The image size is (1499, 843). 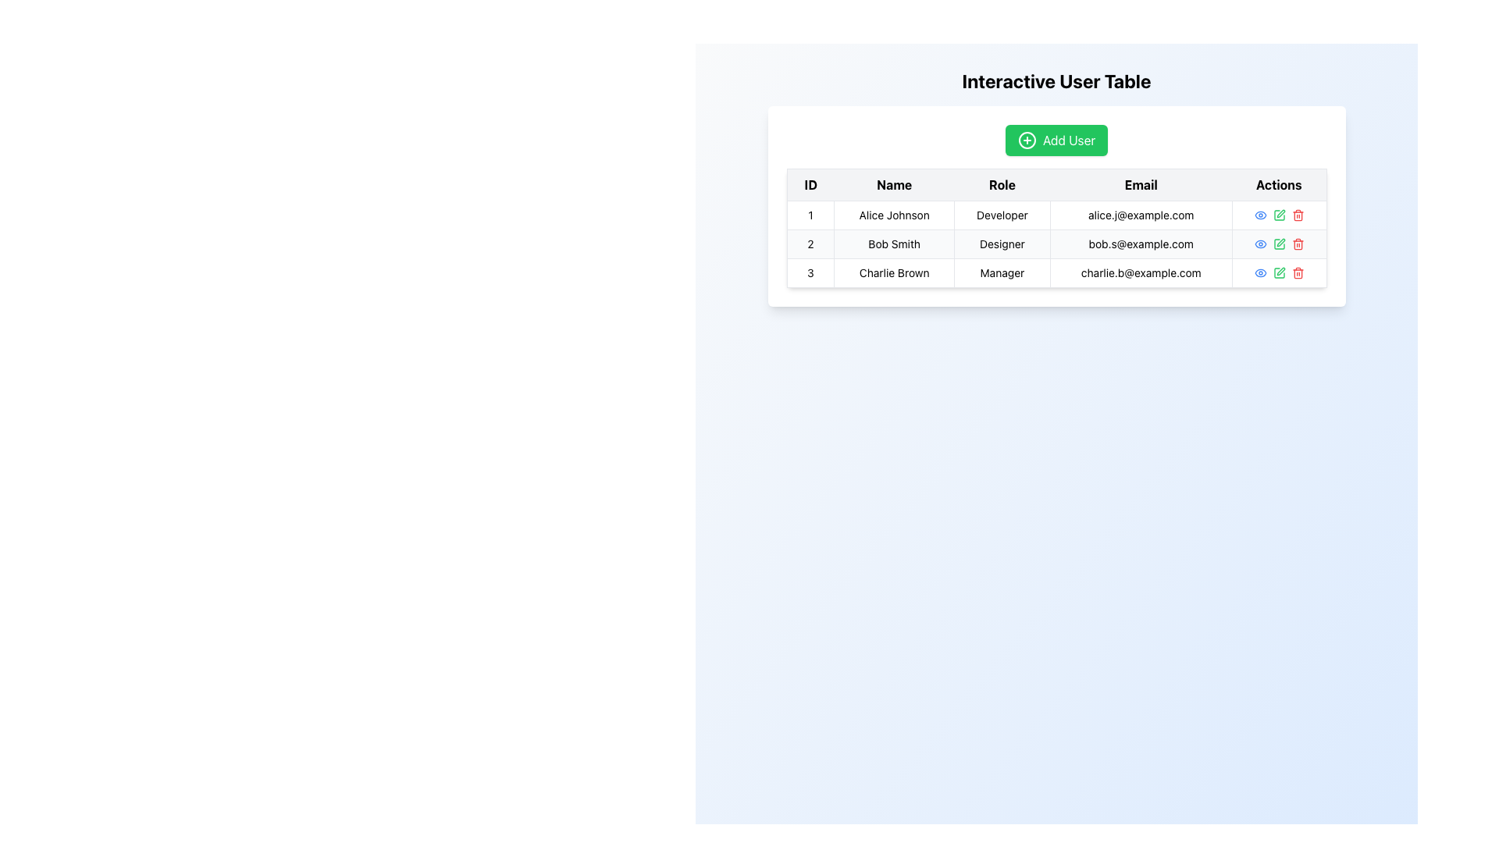 What do you see at coordinates (1280, 243) in the screenshot?
I see `the Edit icon located in the Actions column of the second row in the table` at bounding box center [1280, 243].